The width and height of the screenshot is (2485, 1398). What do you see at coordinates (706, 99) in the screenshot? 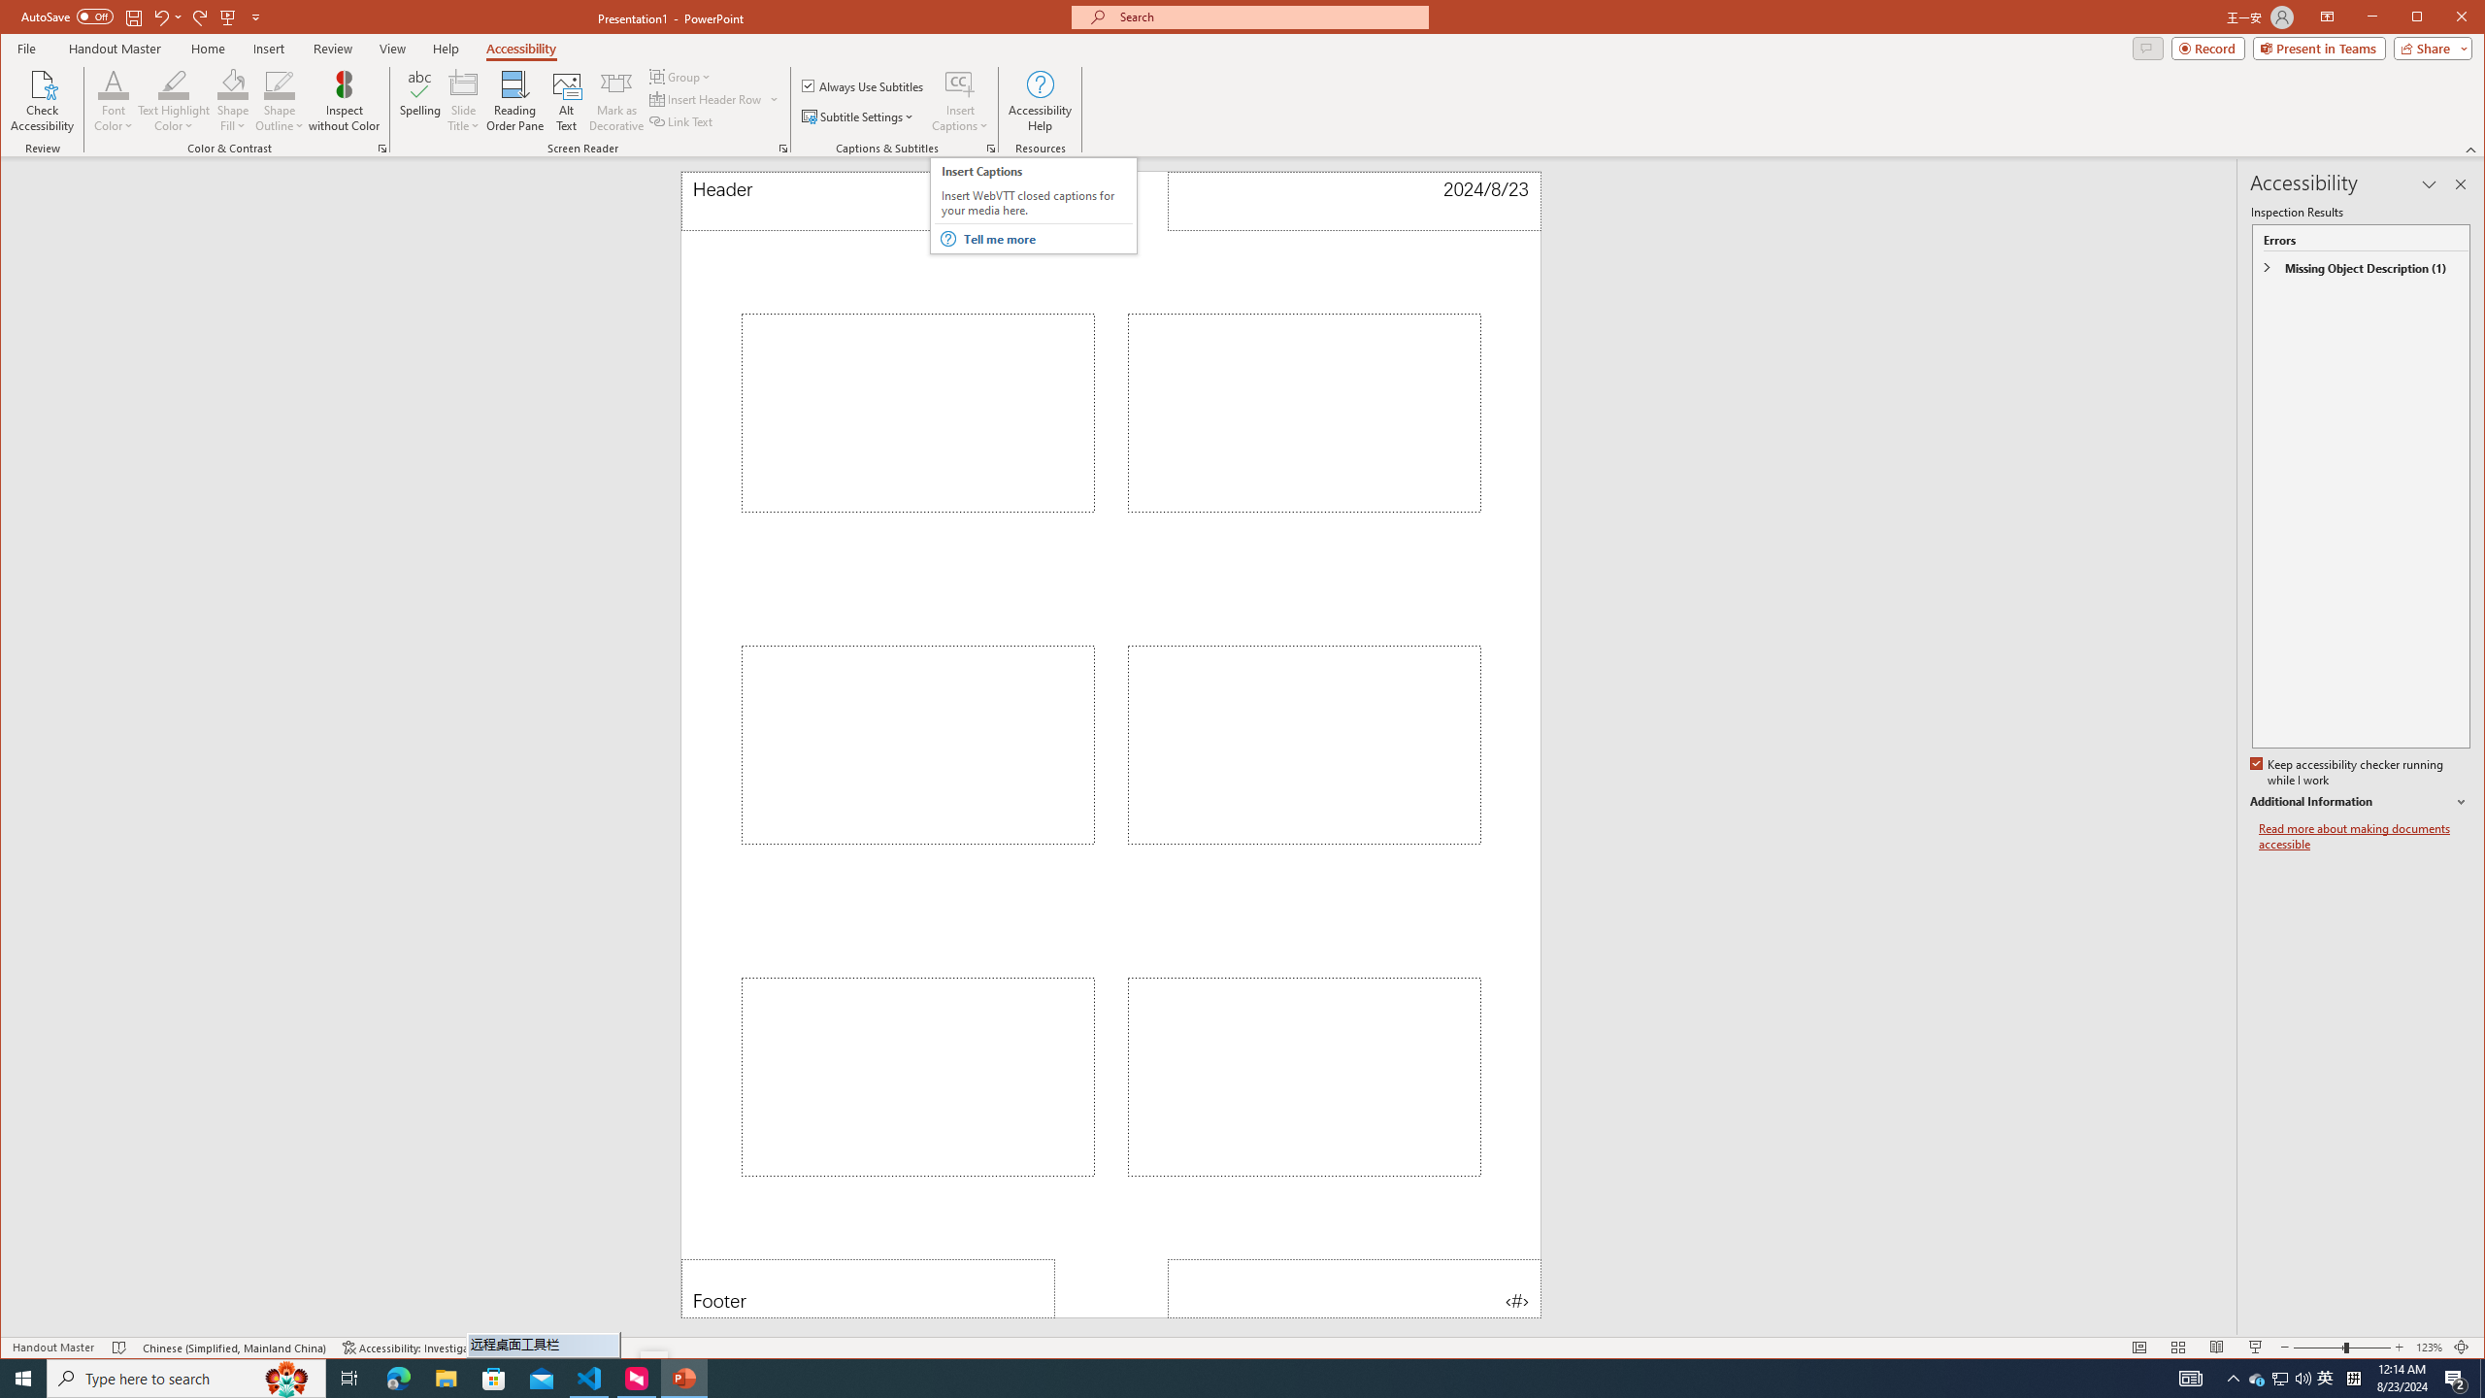
I see `'Insert Header Row'` at bounding box center [706, 99].